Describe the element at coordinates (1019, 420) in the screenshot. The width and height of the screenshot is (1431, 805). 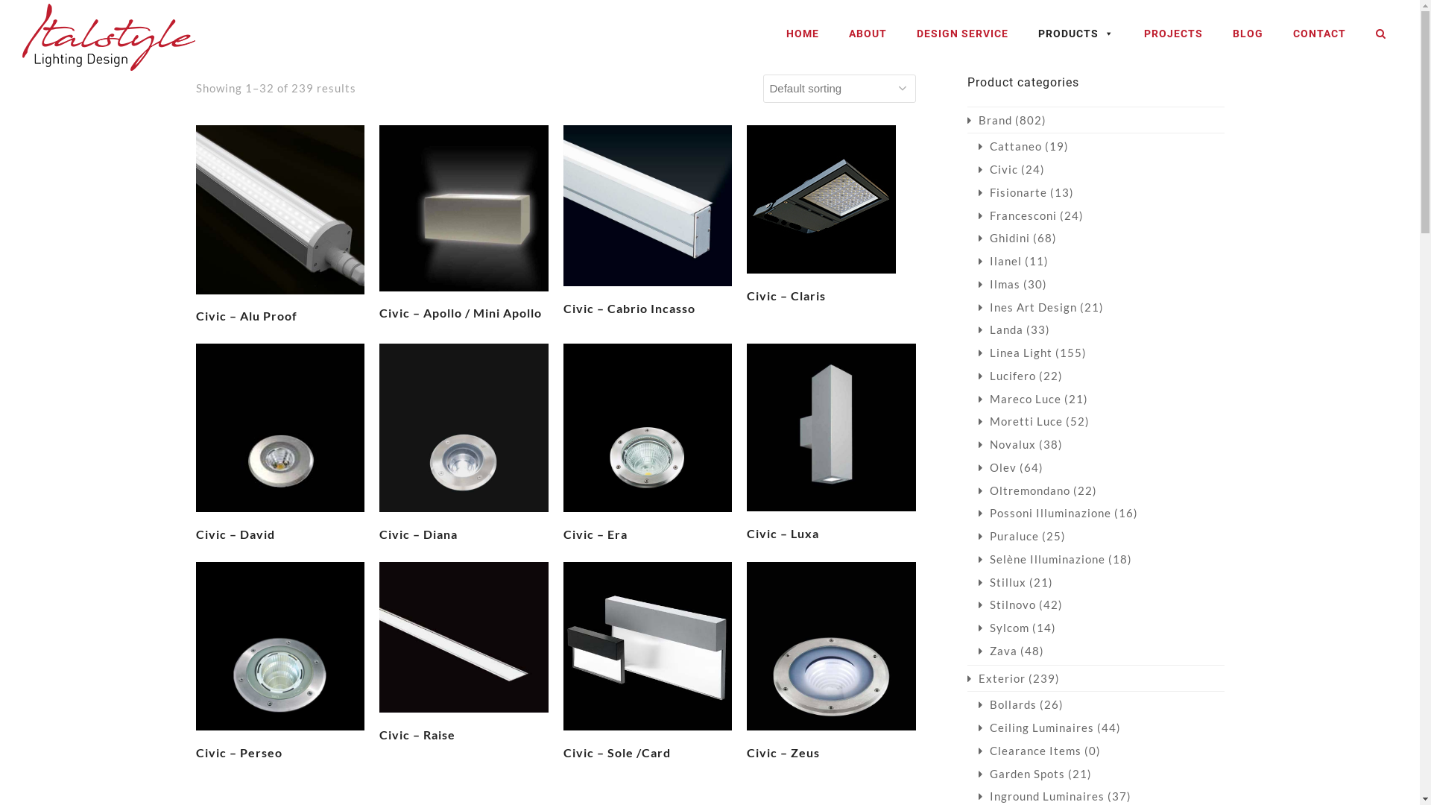
I see `'Moretti Luce'` at that location.